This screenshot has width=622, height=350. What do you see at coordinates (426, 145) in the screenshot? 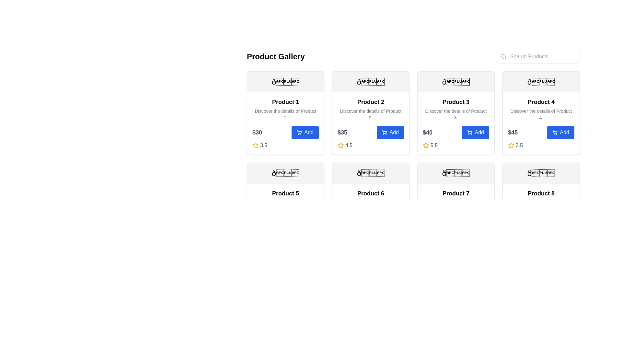
I see `the yellow star icon, which is part of the rating system for 'Product 3', located to the left of the rating text '5.5'` at bounding box center [426, 145].